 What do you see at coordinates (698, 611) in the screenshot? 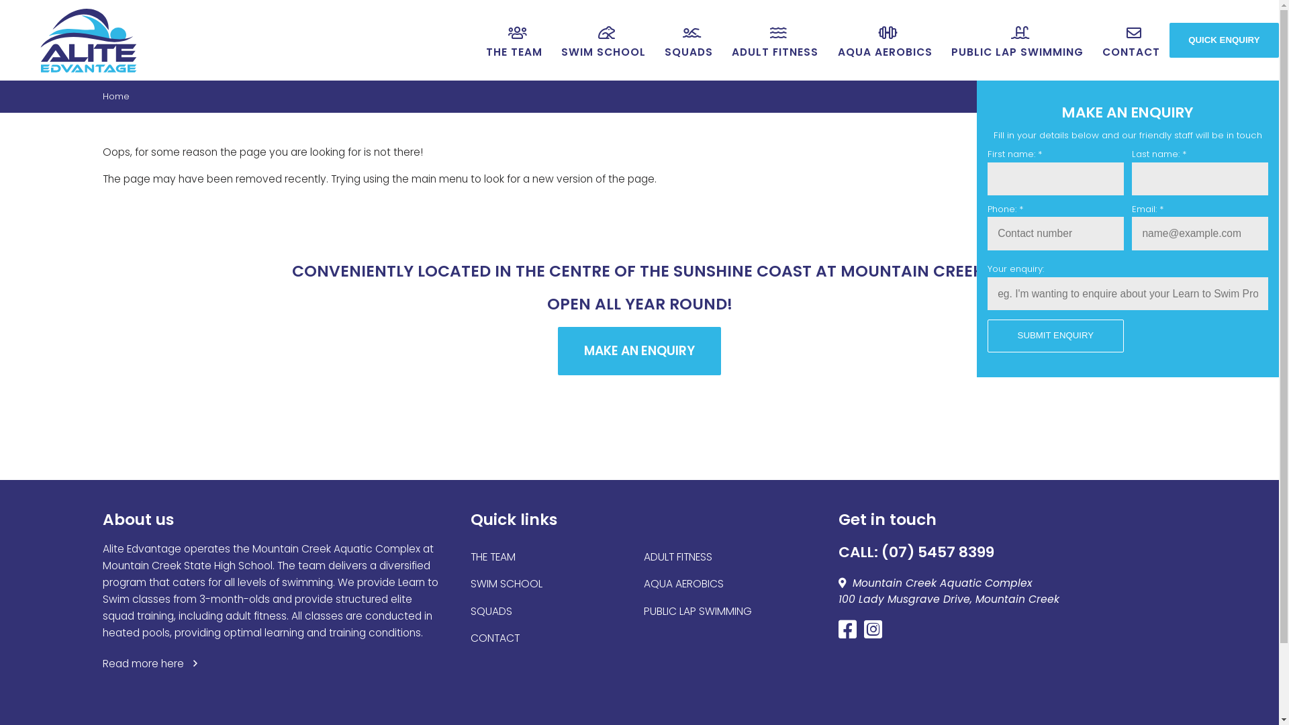
I see `'PUBLIC LAP SWIMMING'` at bounding box center [698, 611].